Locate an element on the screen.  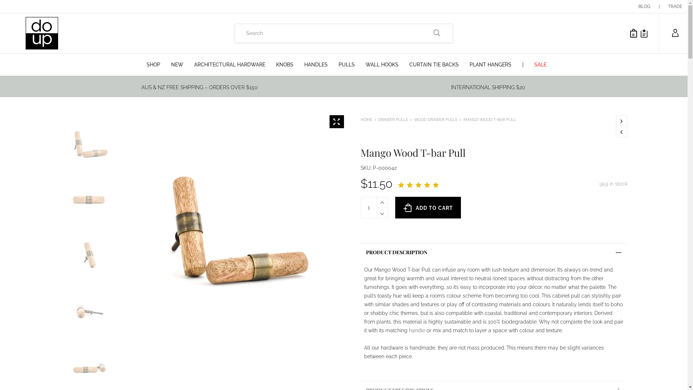
'handle' is located at coordinates (417, 330).